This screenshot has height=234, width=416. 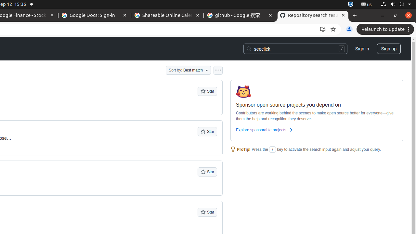 What do you see at coordinates (167, 15) in the screenshot?
I see `'Shareable Online Calendar and Scheduling - Google Calendar - Memory usage - 88.4 MB'` at bounding box center [167, 15].